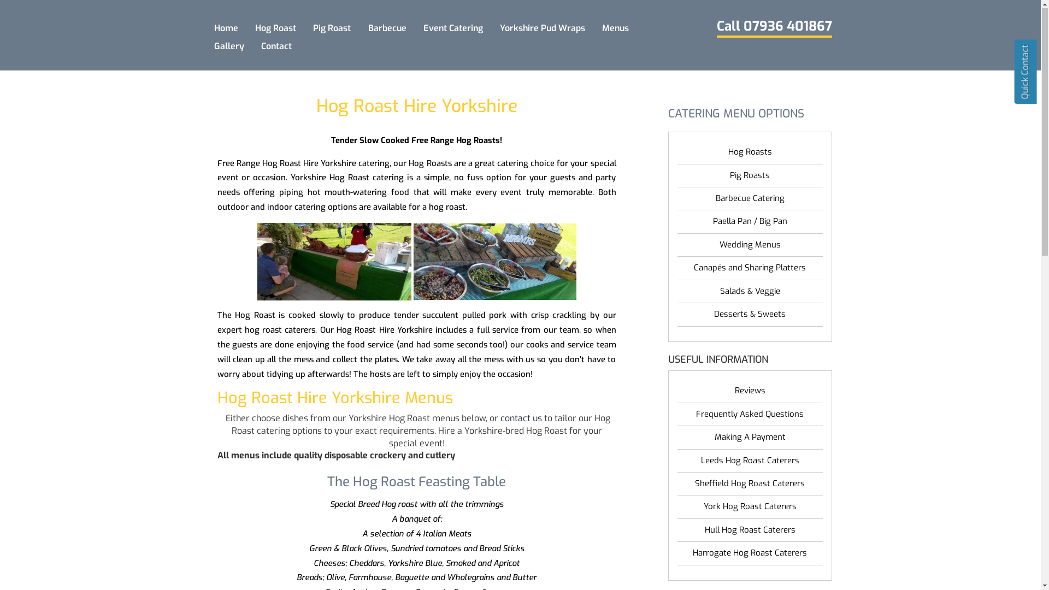 The width and height of the screenshot is (1049, 590). What do you see at coordinates (749, 291) in the screenshot?
I see `'Salads & Veggie'` at bounding box center [749, 291].